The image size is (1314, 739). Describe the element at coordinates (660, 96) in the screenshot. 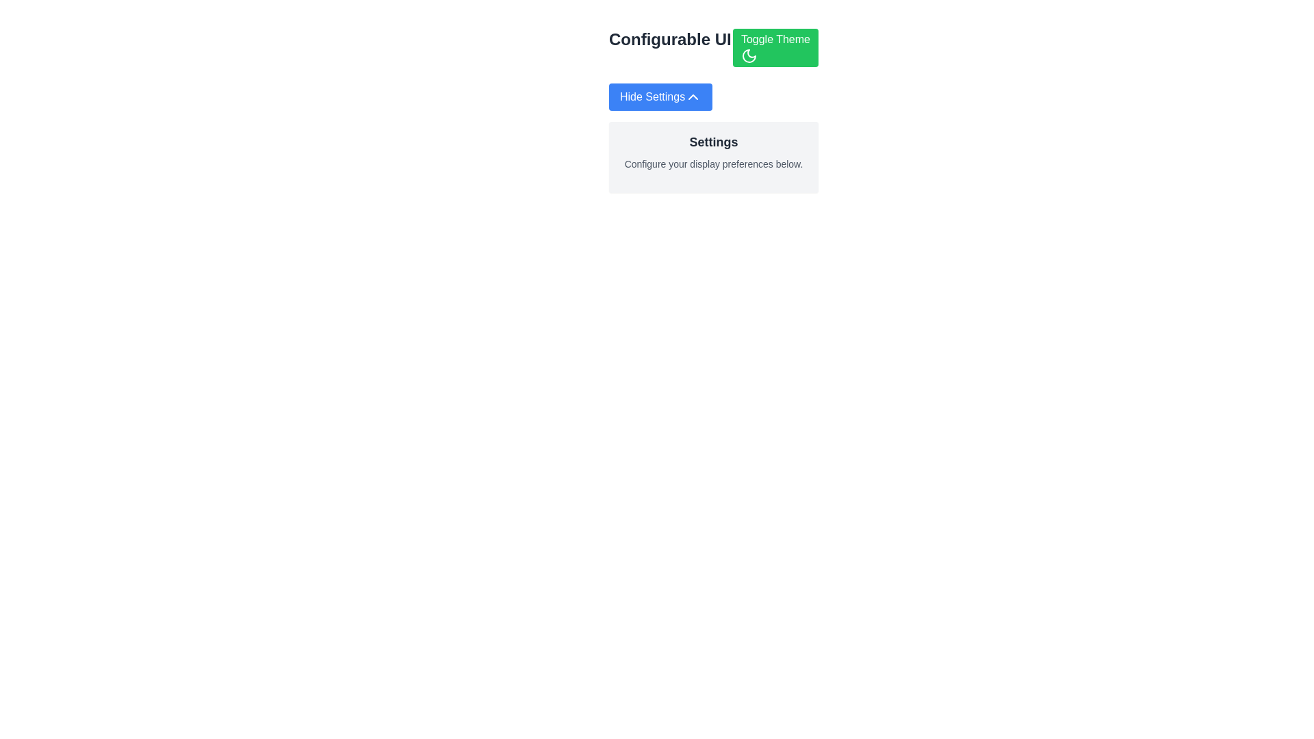

I see `the blue button labeled 'Hide Settings' with a chevron-up icon` at that location.